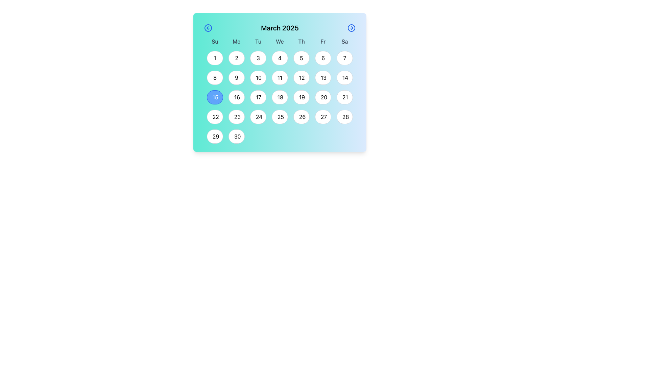  I want to click on the button that selects the 18th day of March 2025 in the calendar view, so click(280, 95).